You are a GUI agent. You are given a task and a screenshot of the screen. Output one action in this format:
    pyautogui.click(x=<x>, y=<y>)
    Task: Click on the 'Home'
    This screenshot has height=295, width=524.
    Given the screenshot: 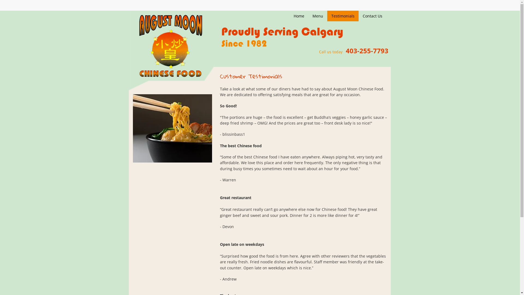 What is the action you would take?
    pyautogui.click(x=289, y=16)
    